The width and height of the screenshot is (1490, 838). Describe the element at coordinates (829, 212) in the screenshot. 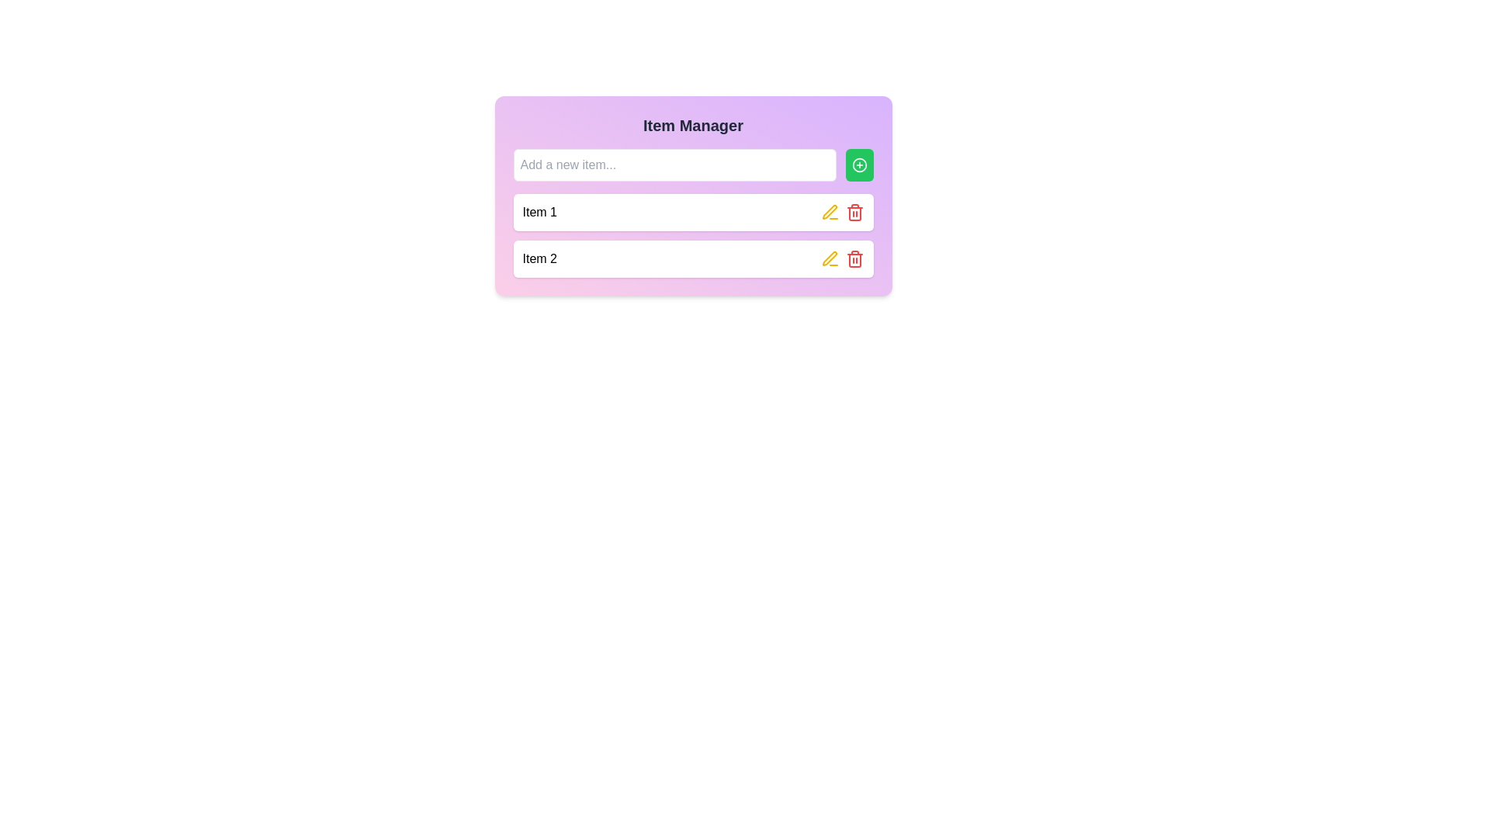

I see `the yellow pen icon associated with 'Item 2'` at that location.